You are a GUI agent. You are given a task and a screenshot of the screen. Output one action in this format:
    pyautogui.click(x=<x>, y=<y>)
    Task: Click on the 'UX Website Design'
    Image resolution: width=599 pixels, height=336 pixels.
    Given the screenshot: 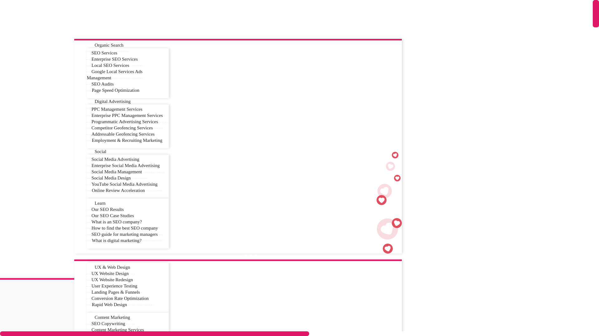 What is the action you would take?
    pyautogui.click(x=110, y=273)
    